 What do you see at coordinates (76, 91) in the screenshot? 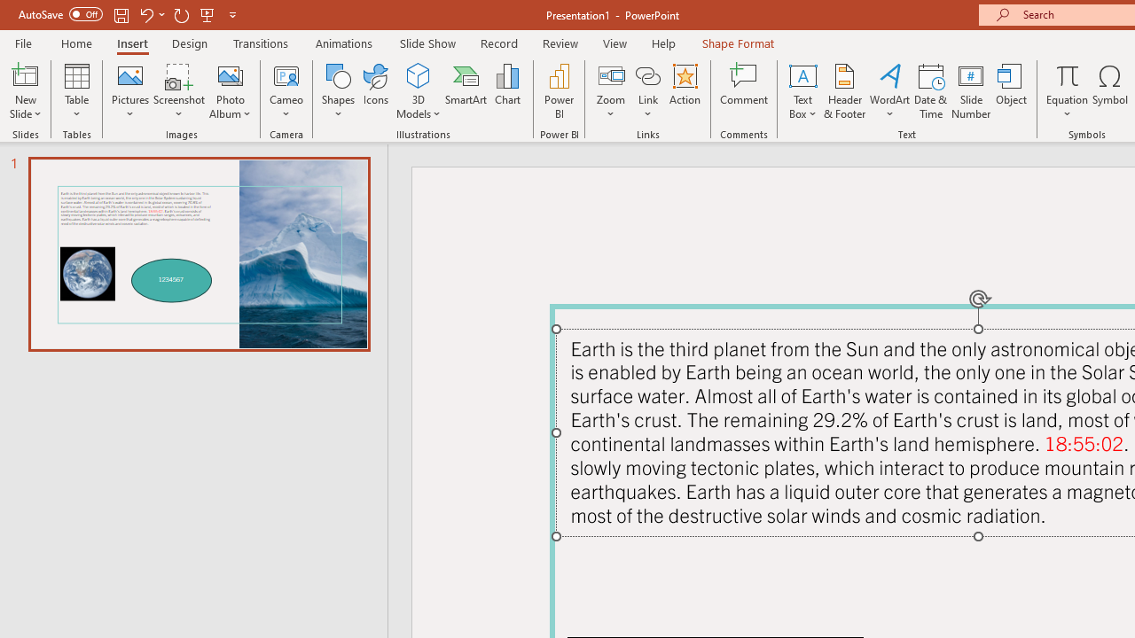
I see `'Table'` at bounding box center [76, 91].